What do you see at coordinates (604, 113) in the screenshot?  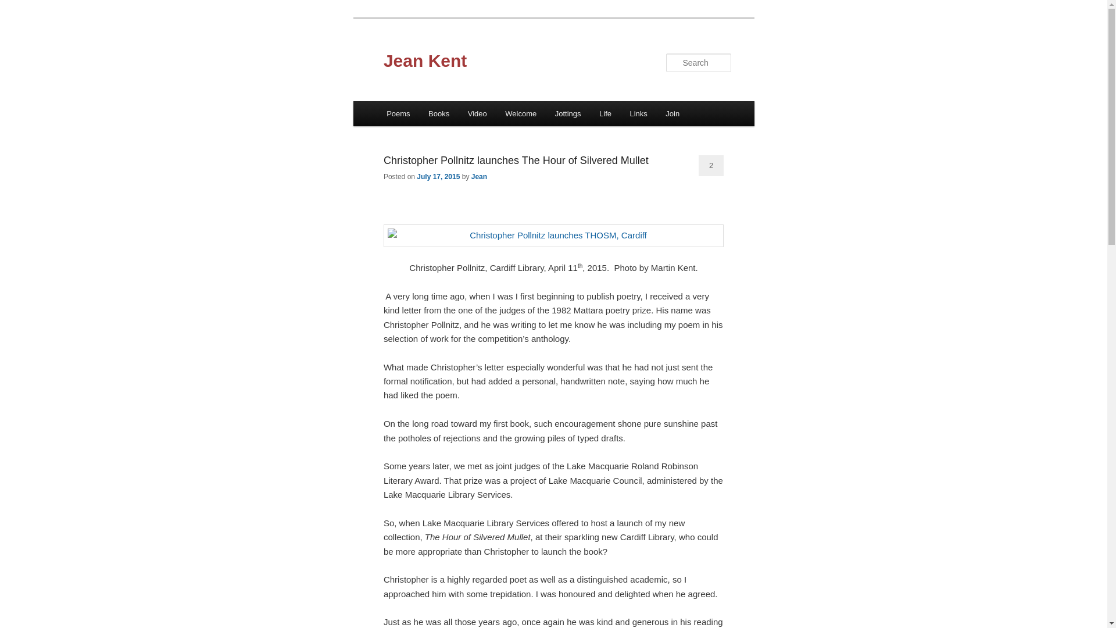 I see `'Life'` at bounding box center [604, 113].